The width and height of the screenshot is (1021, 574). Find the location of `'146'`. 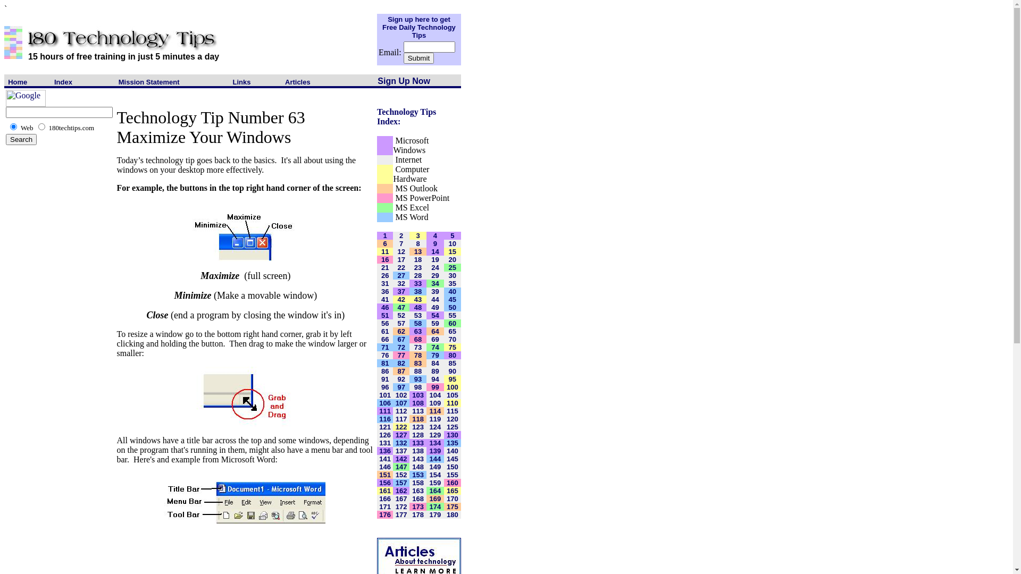

'146' is located at coordinates (379, 466).